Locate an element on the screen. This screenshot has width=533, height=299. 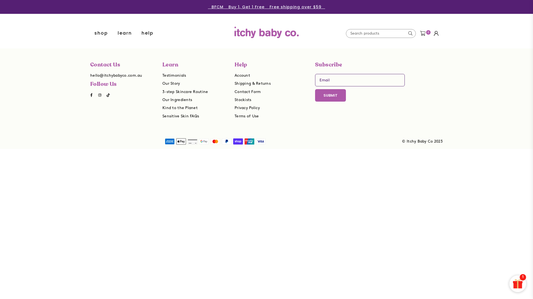
'Testimonials' is located at coordinates (174, 75).